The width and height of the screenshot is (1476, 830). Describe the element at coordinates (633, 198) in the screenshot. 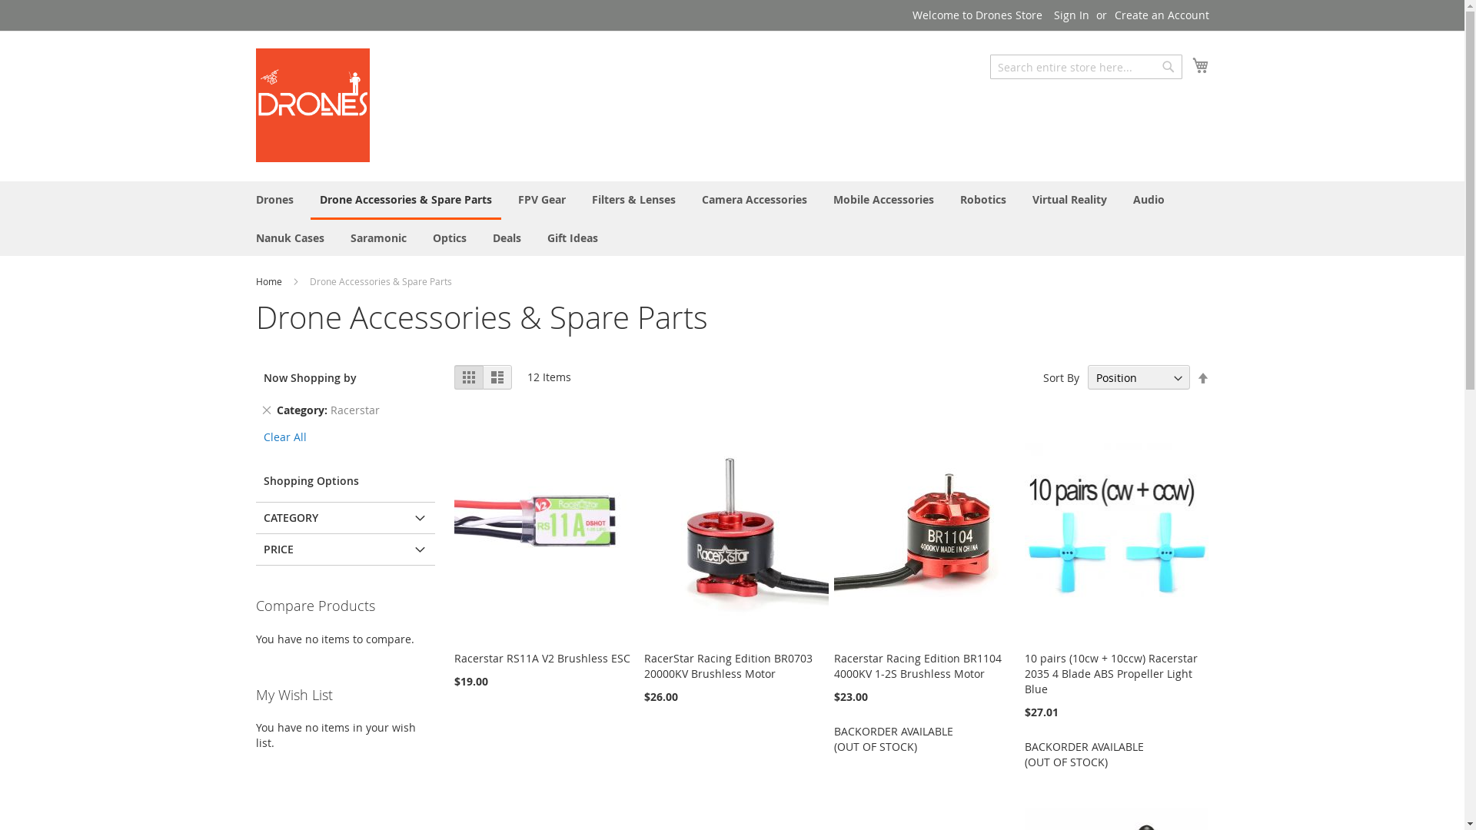

I see `'Filters & Lenses'` at that location.